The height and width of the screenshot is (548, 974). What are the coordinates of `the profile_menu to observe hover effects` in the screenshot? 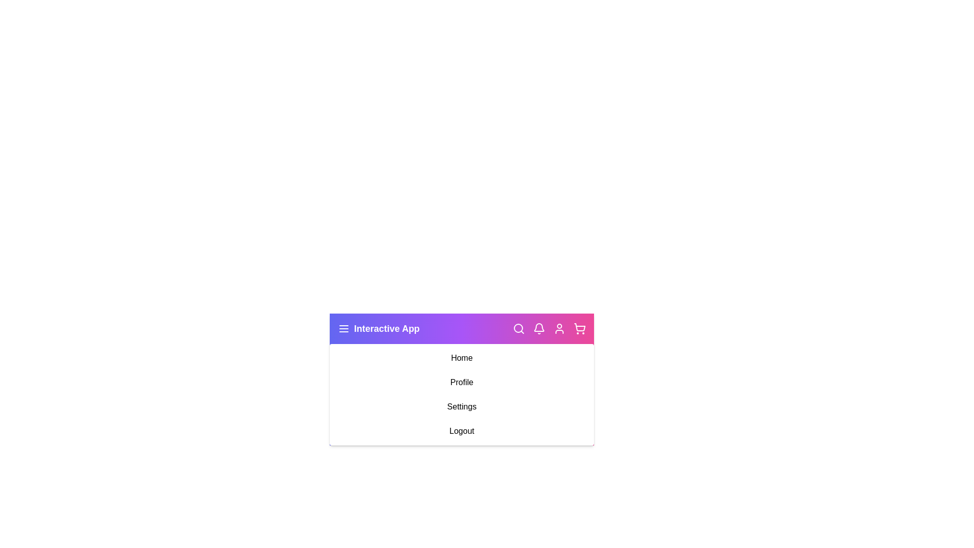 It's located at (461, 382).